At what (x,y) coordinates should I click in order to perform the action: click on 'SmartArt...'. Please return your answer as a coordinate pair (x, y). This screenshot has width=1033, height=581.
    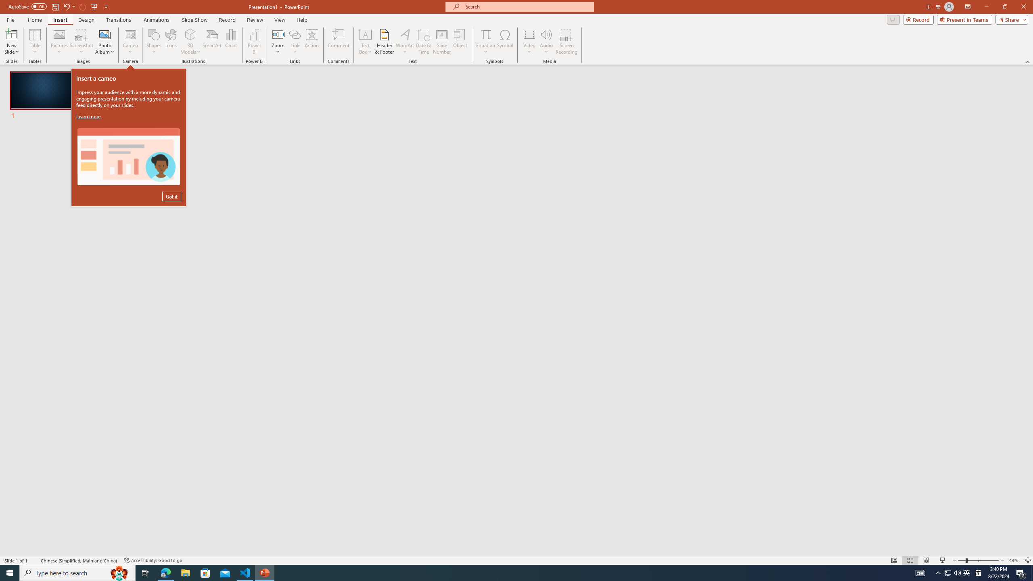
    Looking at the image, I should click on (212, 42).